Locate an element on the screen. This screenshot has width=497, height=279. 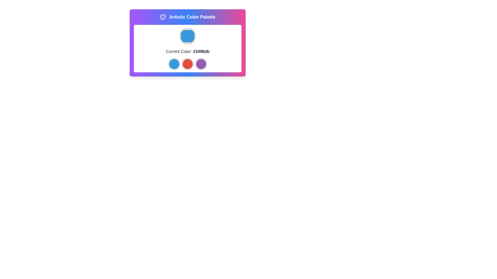
the text label displaying 'Artistic Color Palette', which is styled in bold white font against a gradient background transitioning from purple to pink is located at coordinates (192, 17).